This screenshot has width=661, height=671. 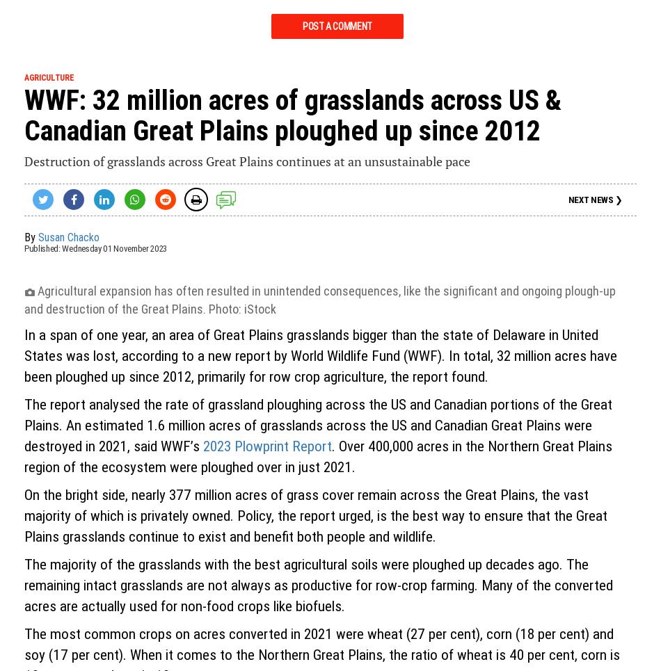 I want to click on '2023 Plowprint Report', so click(x=202, y=446).